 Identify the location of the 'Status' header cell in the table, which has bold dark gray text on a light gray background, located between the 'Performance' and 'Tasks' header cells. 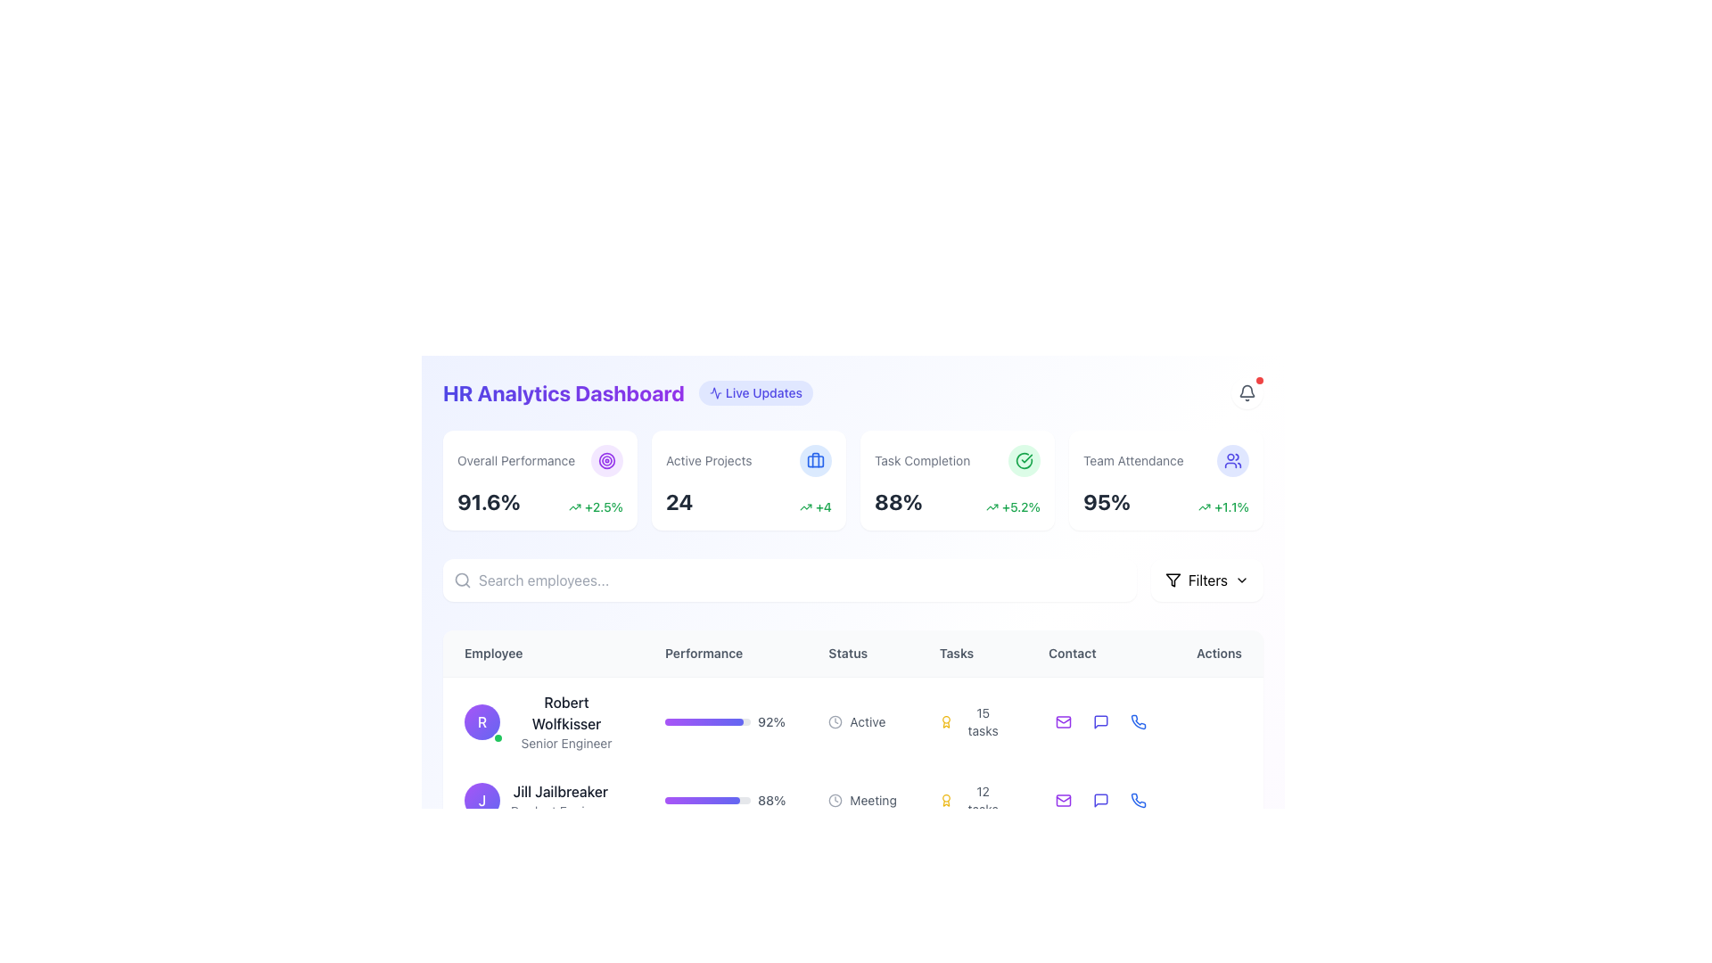
(852, 653).